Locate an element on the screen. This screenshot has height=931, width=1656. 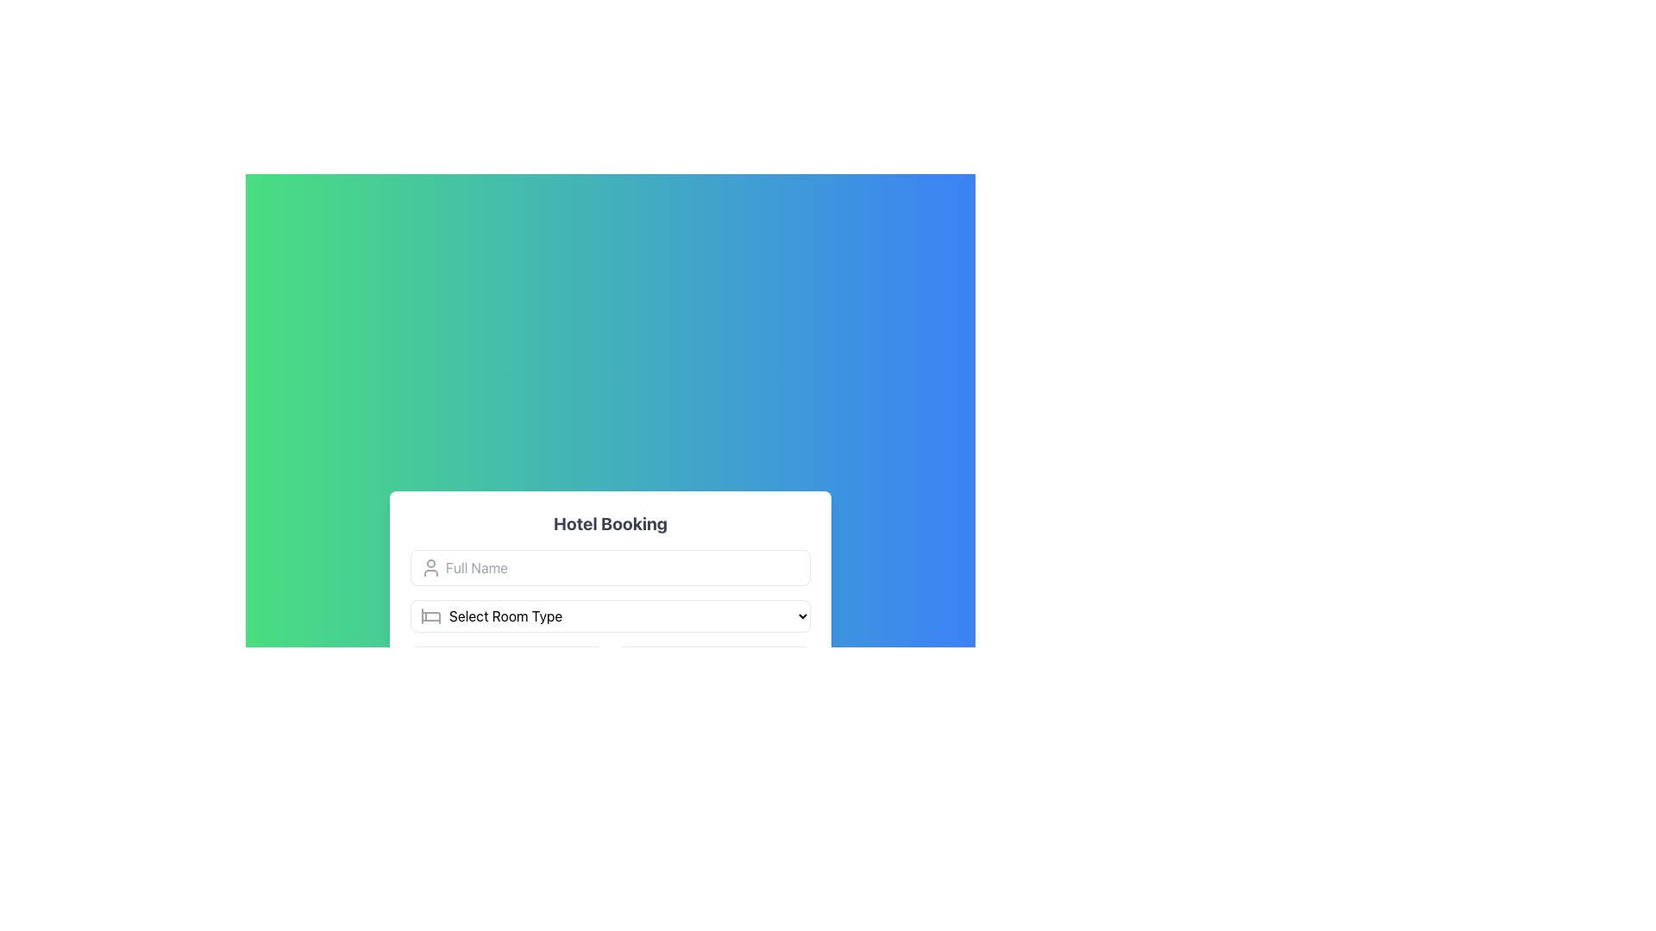
the user profile icon which is a circular head above a semi-circular body, located to the left of the 'Full Name' text input field is located at coordinates (430, 568).